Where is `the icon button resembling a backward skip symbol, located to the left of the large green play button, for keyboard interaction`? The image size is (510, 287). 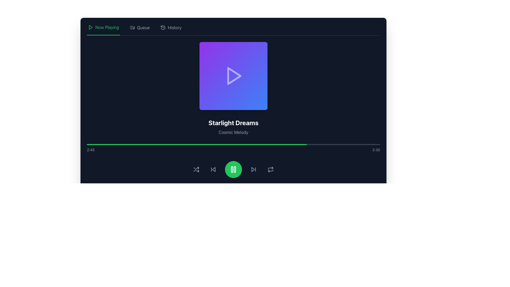 the icon button resembling a backward skip symbol, located to the left of the large green play button, for keyboard interaction is located at coordinates (213, 169).